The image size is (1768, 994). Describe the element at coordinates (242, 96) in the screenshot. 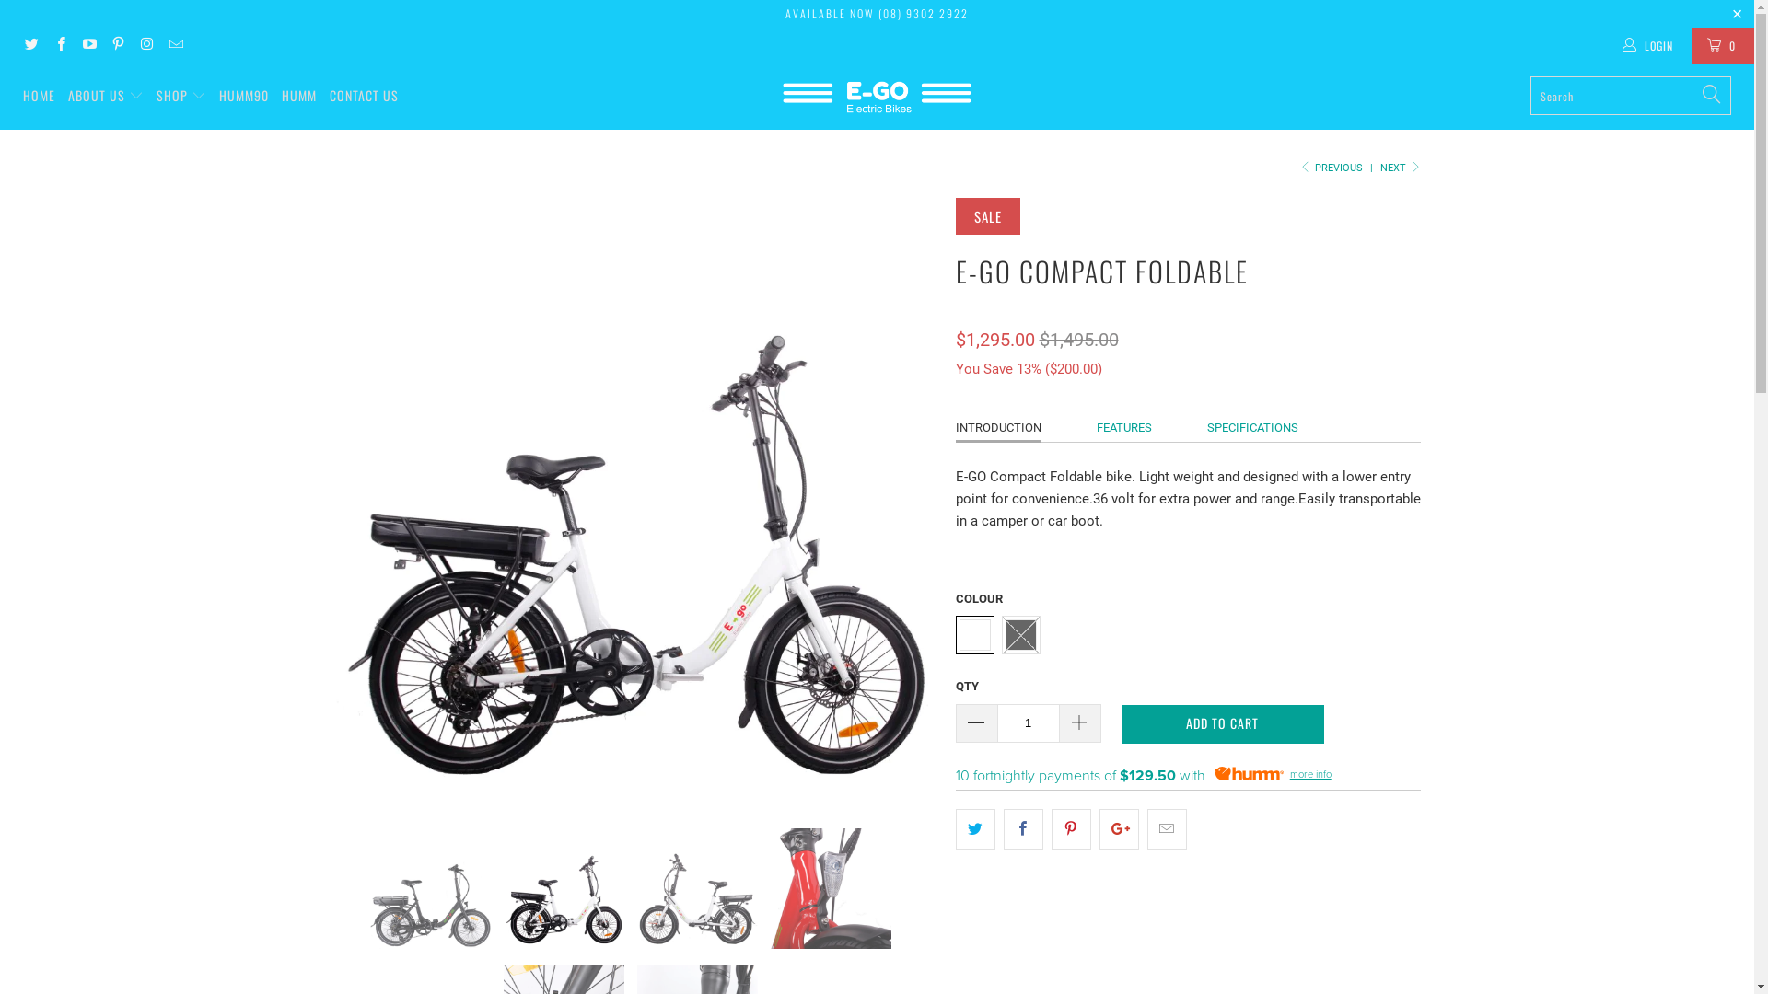

I see `'HUMM90'` at that location.